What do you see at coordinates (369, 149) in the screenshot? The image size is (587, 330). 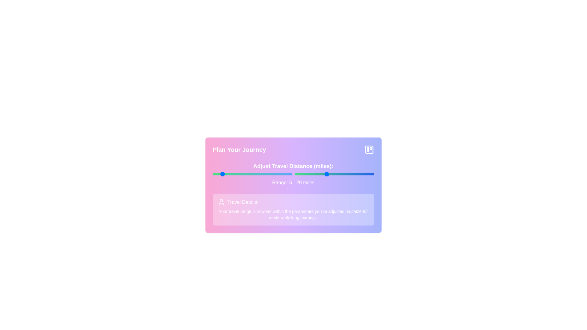 I see `the Trello logo icon, which is a minimalistic white outlined icon located in the top-right corner of the 'Plan Your Journey' section, adjacent to the title text` at bounding box center [369, 149].